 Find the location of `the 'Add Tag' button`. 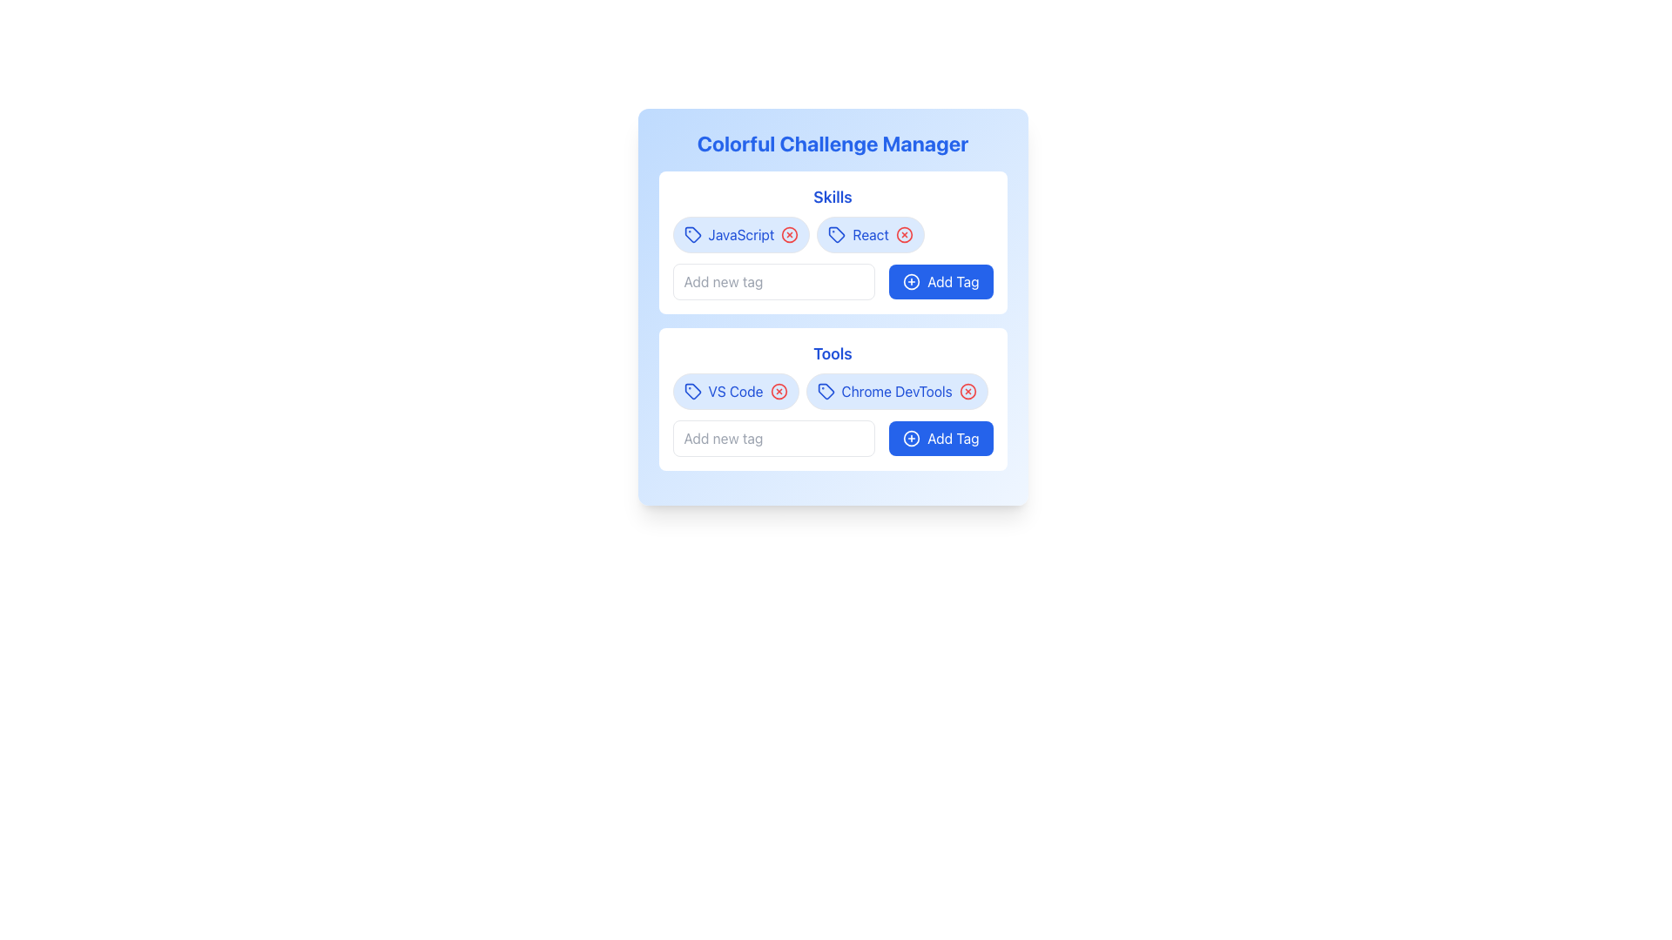

the 'Add Tag' button is located at coordinates (940, 438).